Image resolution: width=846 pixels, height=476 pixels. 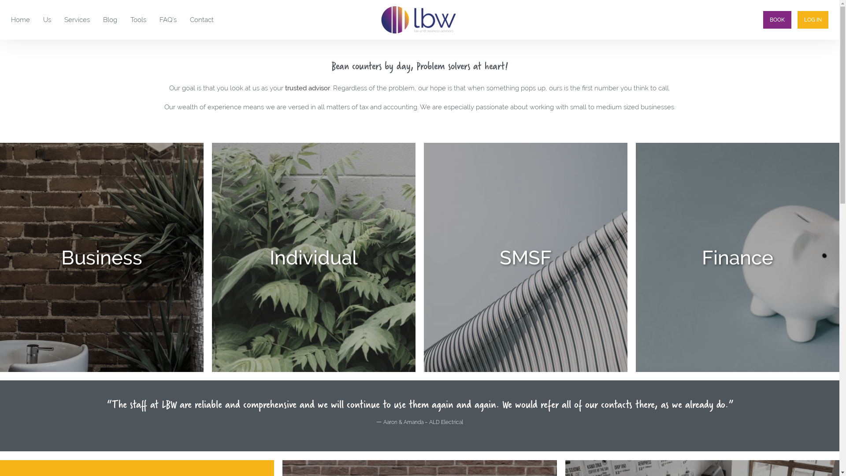 I want to click on 'LOG IN', so click(x=812, y=20).